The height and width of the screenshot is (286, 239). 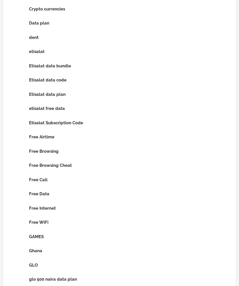 What do you see at coordinates (56, 123) in the screenshot?
I see `'Etisalat Subscription Code'` at bounding box center [56, 123].